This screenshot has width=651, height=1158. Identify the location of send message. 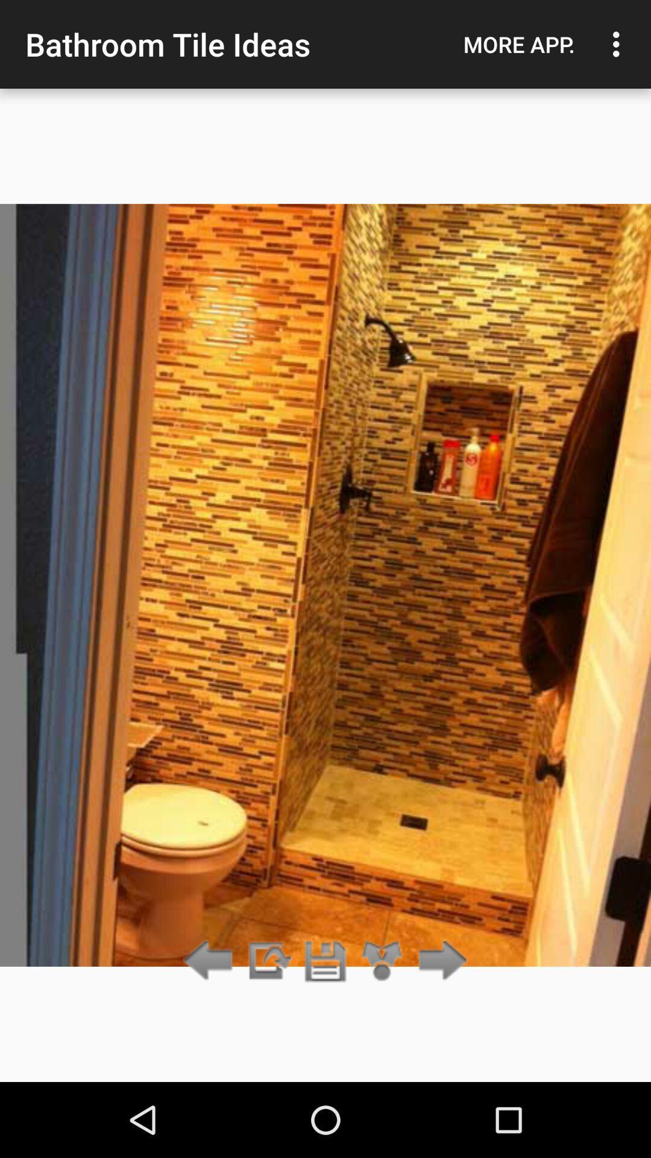
(268, 961).